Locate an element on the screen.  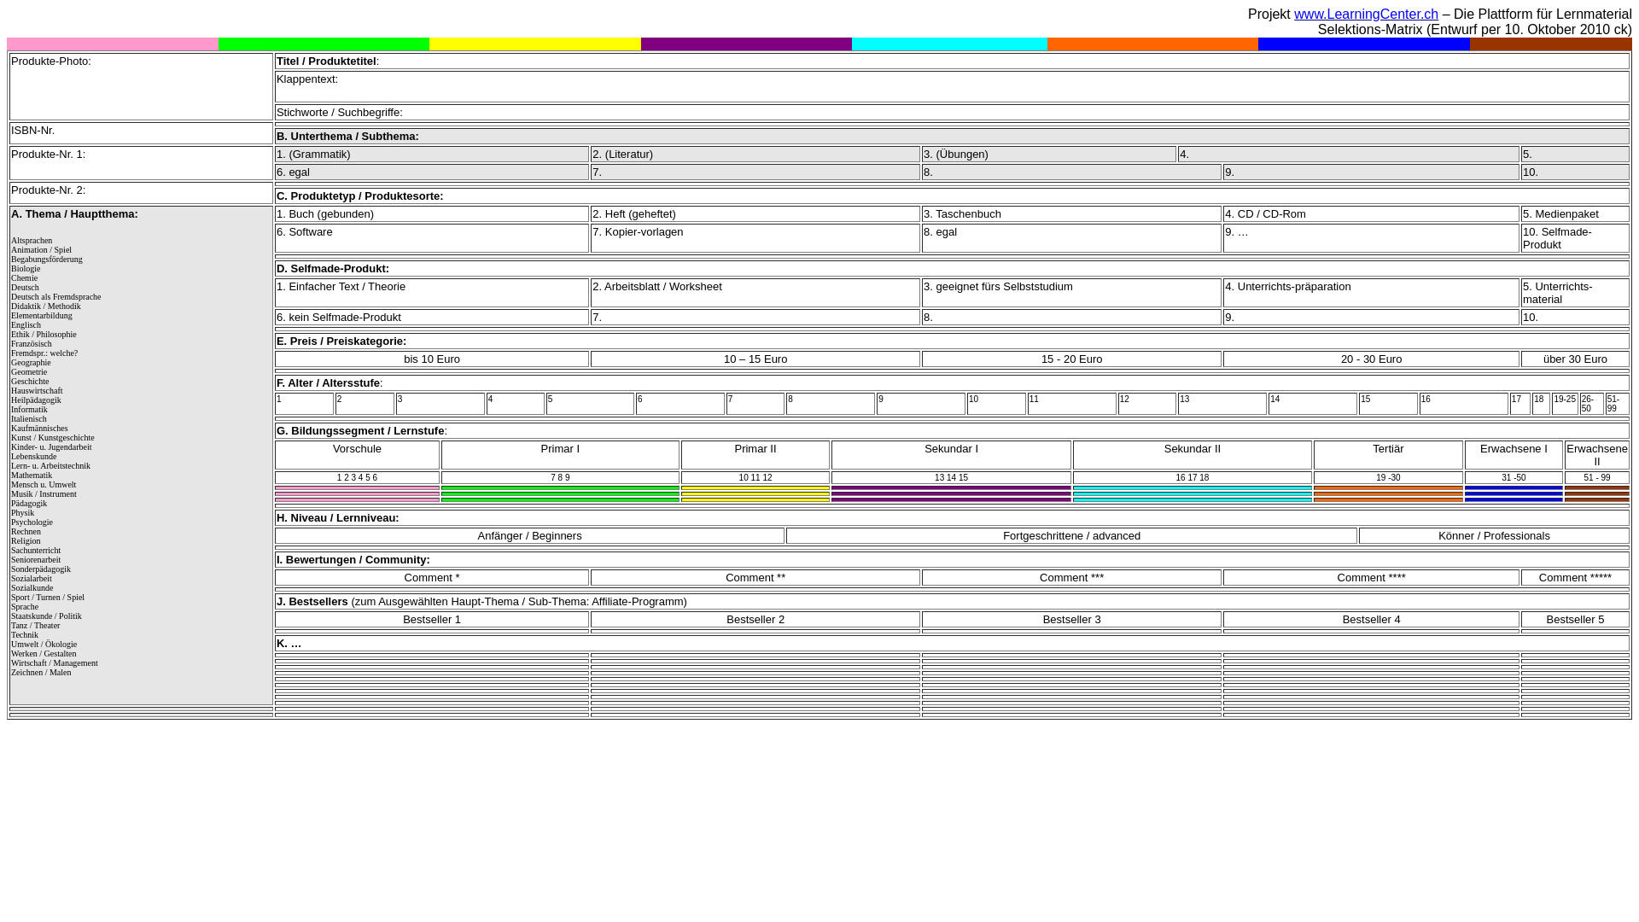
'www.LearningCenter.ch' is located at coordinates (1366, 14).